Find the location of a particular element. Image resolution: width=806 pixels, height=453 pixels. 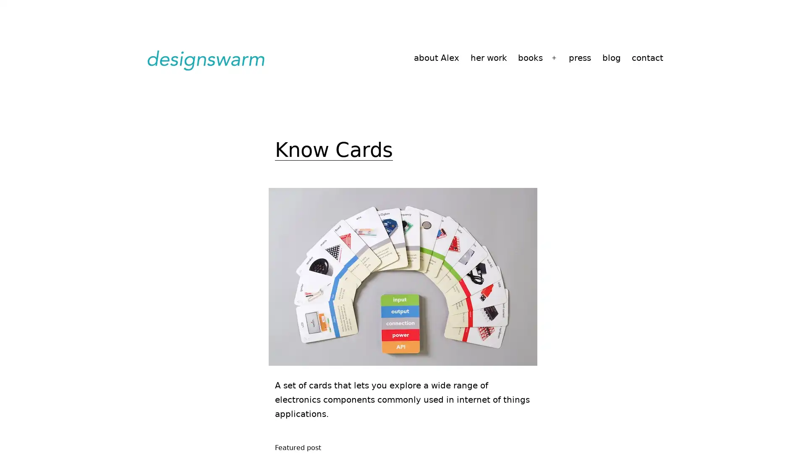

Open menu is located at coordinates (554, 57).